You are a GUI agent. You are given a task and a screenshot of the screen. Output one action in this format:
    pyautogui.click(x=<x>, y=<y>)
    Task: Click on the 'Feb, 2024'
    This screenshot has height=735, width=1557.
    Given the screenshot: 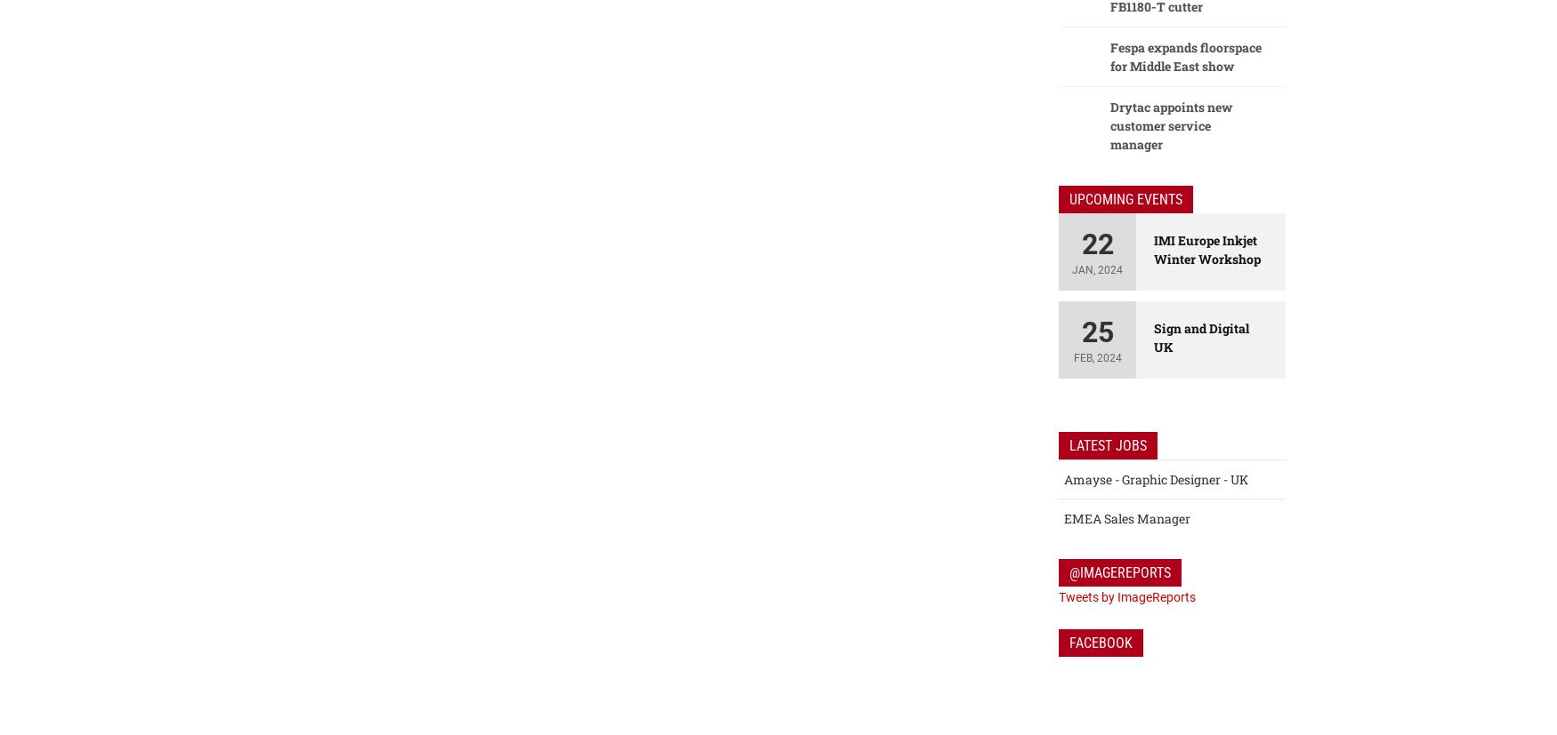 What is the action you would take?
    pyautogui.click(x=1097, y=357)
    